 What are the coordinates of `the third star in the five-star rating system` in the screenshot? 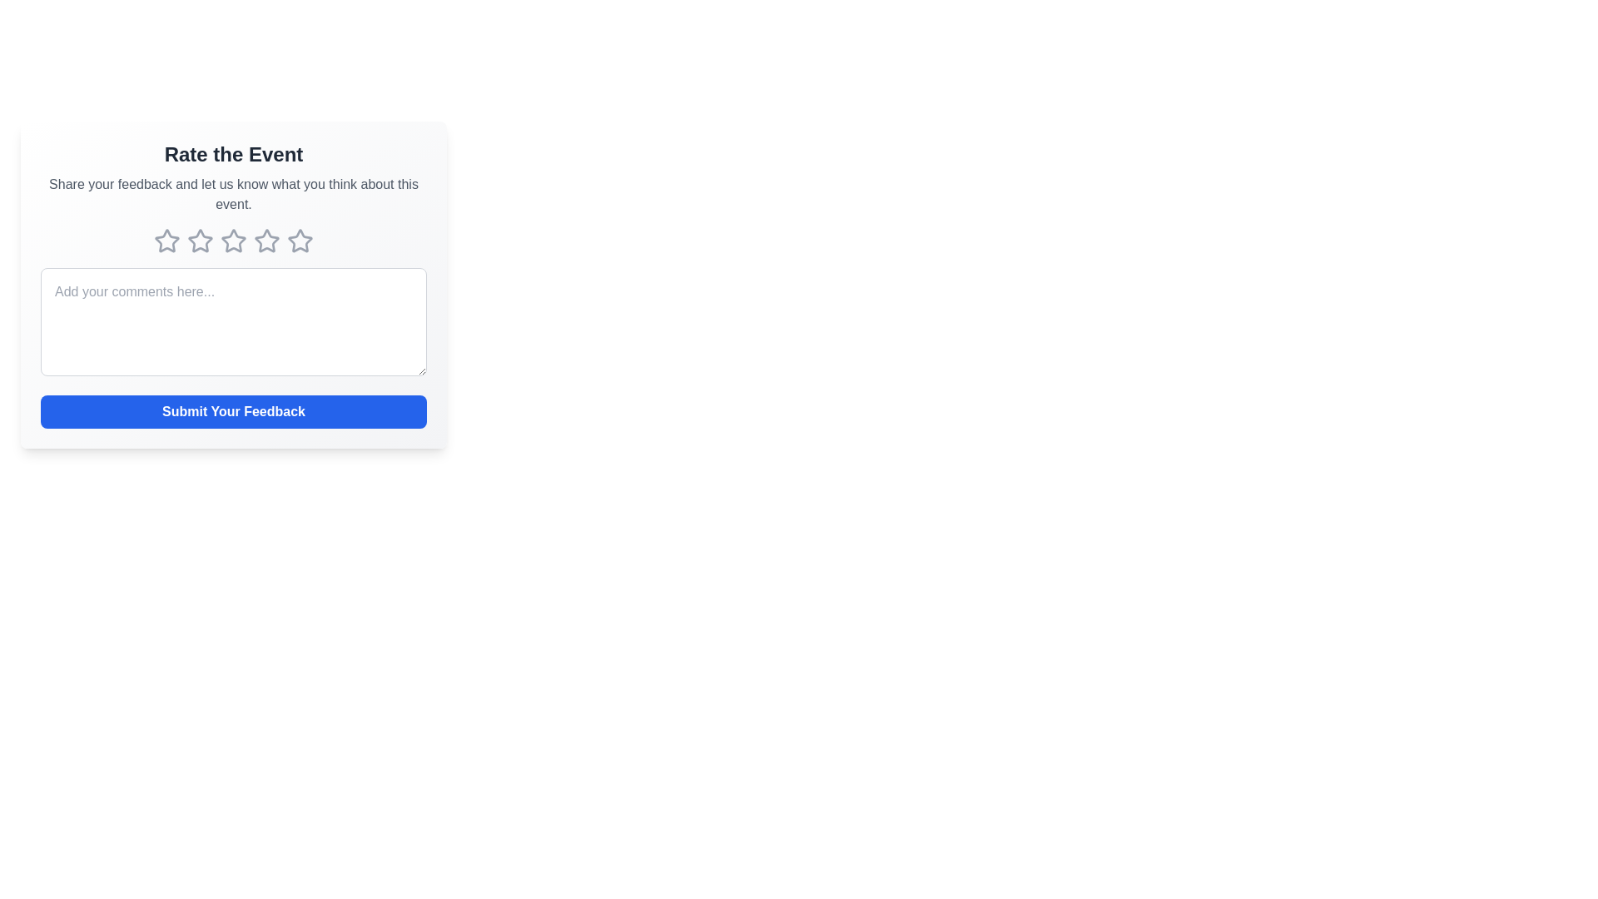 It's located at (266, 241).